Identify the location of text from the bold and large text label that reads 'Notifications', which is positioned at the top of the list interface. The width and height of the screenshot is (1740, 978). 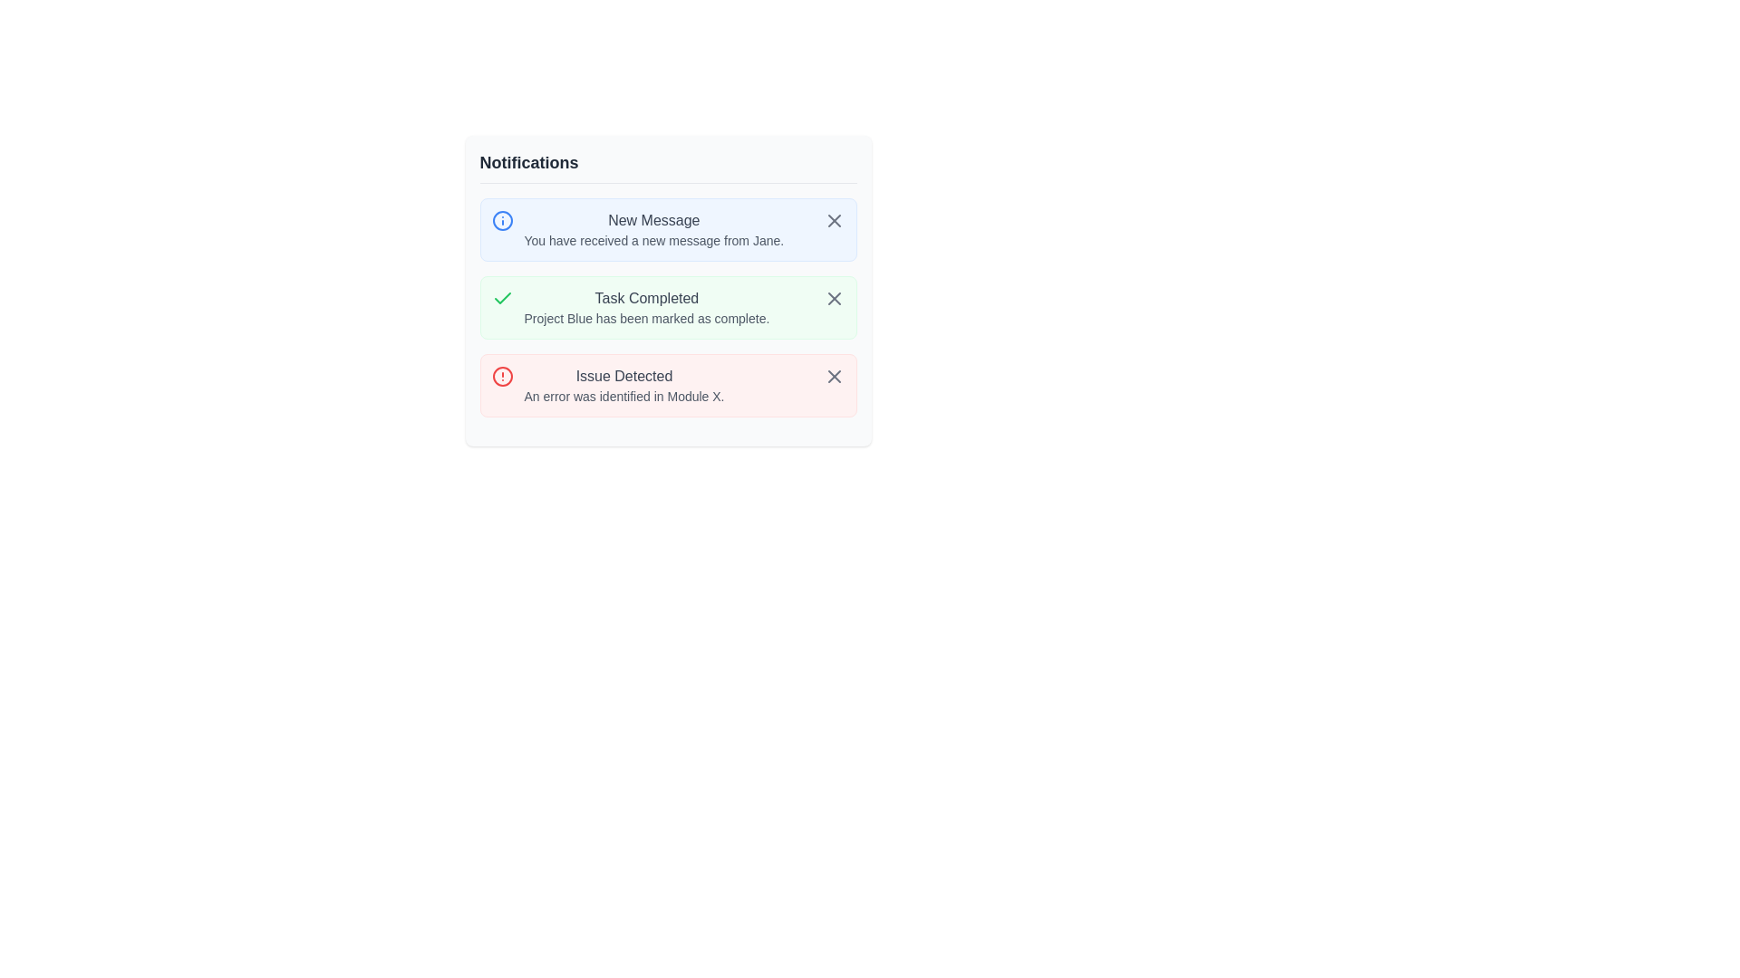
(528, 163).